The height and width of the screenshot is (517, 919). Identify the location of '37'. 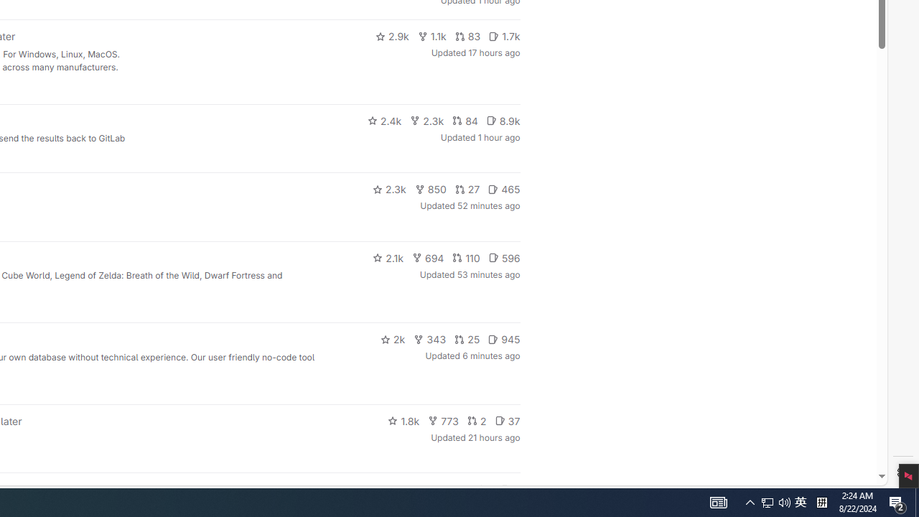
(507, 420).